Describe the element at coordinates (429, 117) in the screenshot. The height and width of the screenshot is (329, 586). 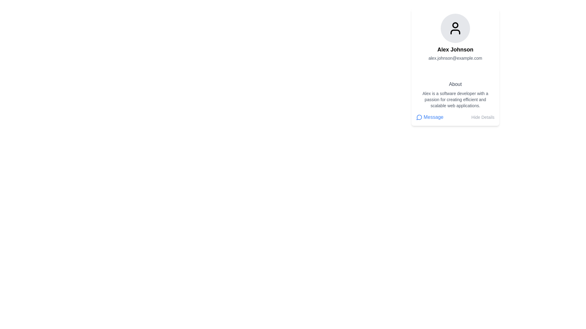
I see `the 'Message' text label styled in blue, which is accompanied by a speech bubble icon, located` at that location.